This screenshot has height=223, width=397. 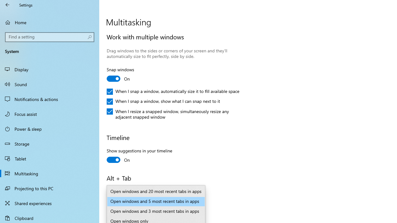 What do you see at coordinates (50, 22) in the screenshot?
I see `'Home'` at bounding box center [50, 22].